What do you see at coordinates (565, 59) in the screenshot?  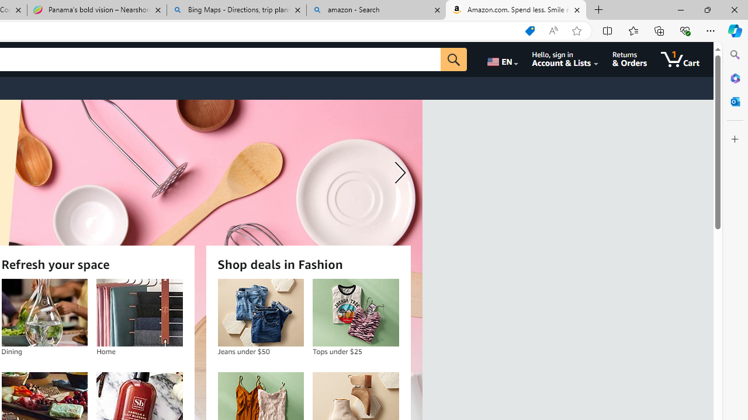 I see `'Hello, sign in Account & Lists'` at bounding box center [565, 59].